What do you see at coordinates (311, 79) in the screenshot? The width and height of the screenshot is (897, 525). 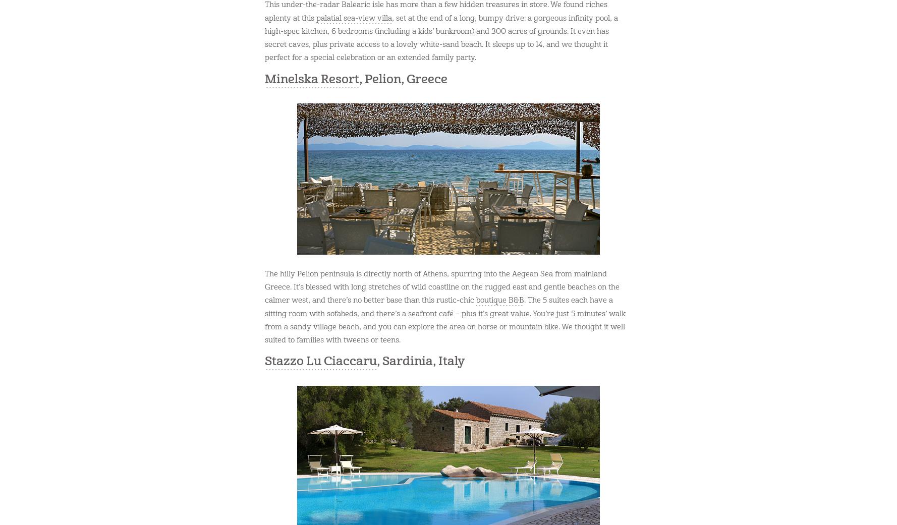 I see `'Minelska Resort'` at bounding box center [311, 79].